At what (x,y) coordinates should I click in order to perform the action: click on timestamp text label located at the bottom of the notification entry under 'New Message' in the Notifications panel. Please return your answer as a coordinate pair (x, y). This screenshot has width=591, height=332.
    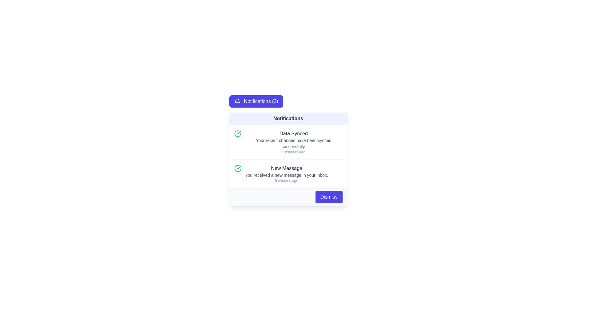
    Looking at the image, I should click on (286, 180).